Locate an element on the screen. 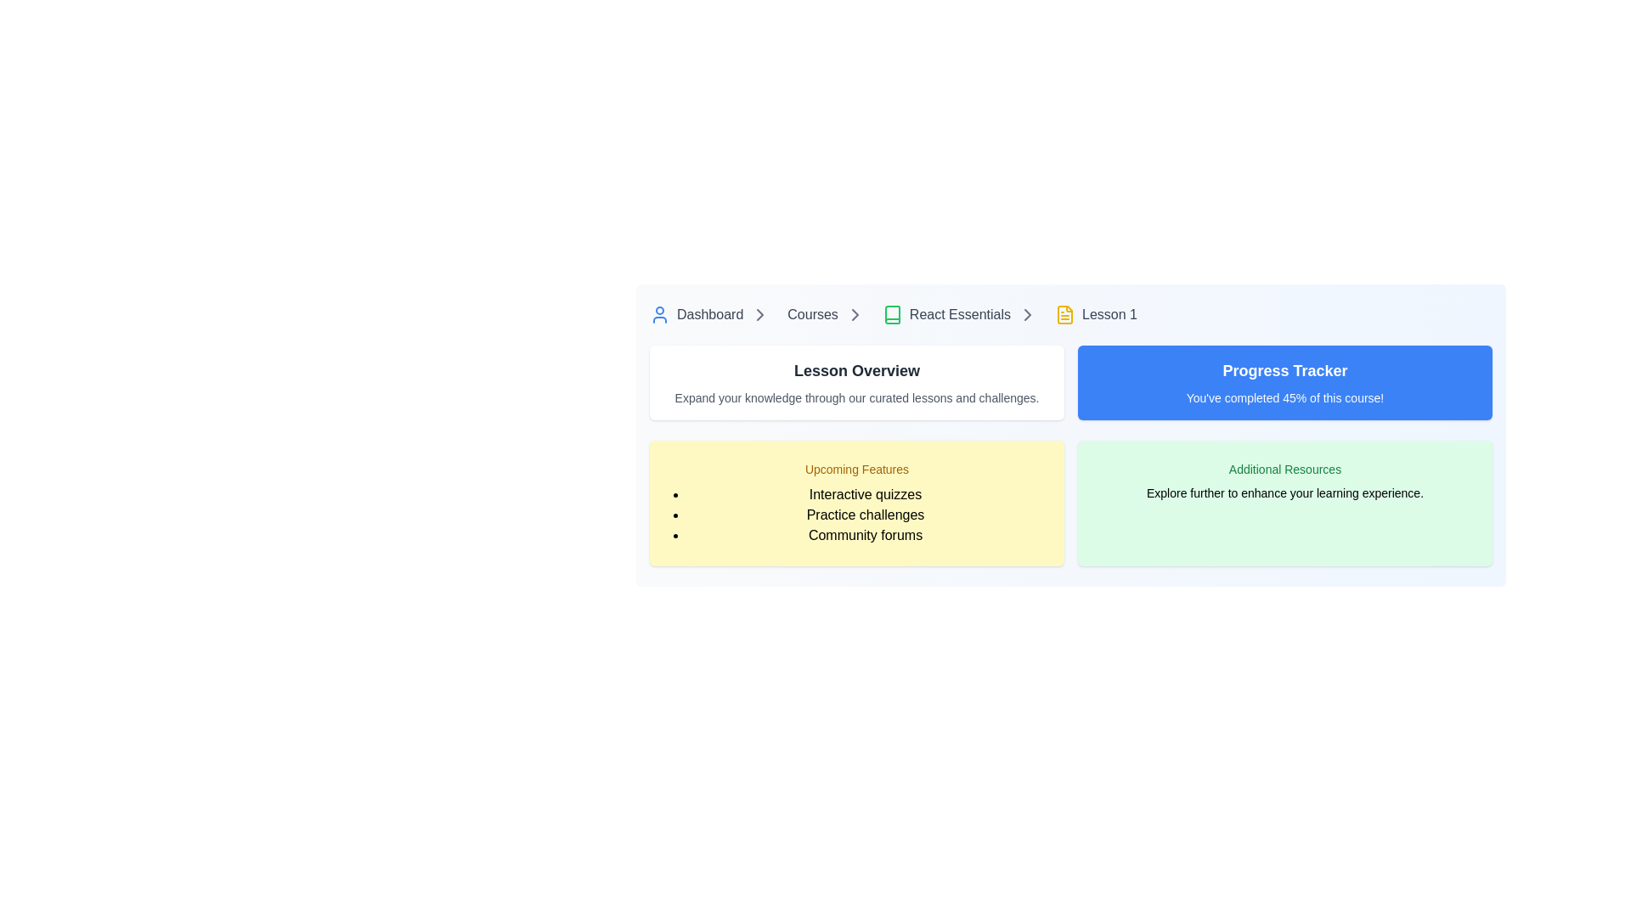 The height and width of the screenshot is (917, 1631). the informational summary text block located on the left side of the 'Progress Tracker' block at the upper part of the interface is located at coordinates (856, 383).